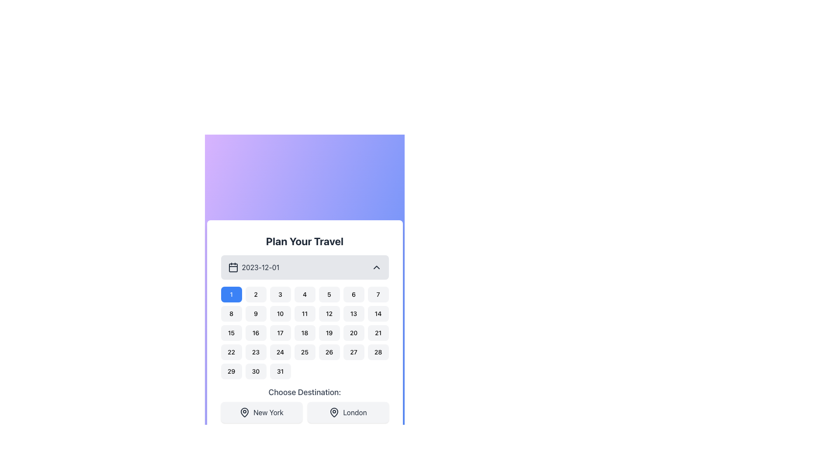 The width and height of the screenshot is (839, 472). I want to click on the button displaying the number '22', which is a light gray rectangular button with rounded corners, located in the bottom row of a grid layout representing a calendar, so click(231, 352).